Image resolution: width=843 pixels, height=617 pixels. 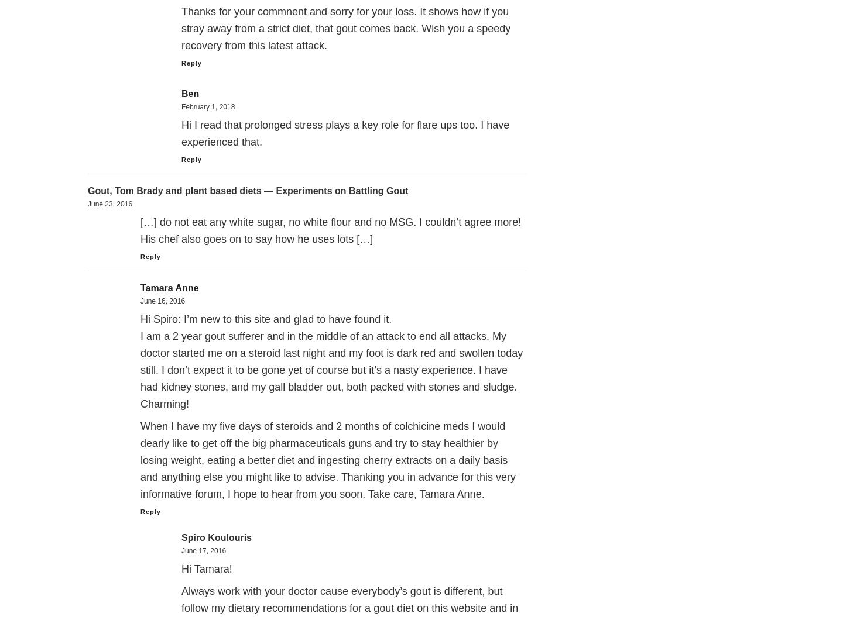 I want to click on 'February 1, 2018', so click(x=208, y=106).